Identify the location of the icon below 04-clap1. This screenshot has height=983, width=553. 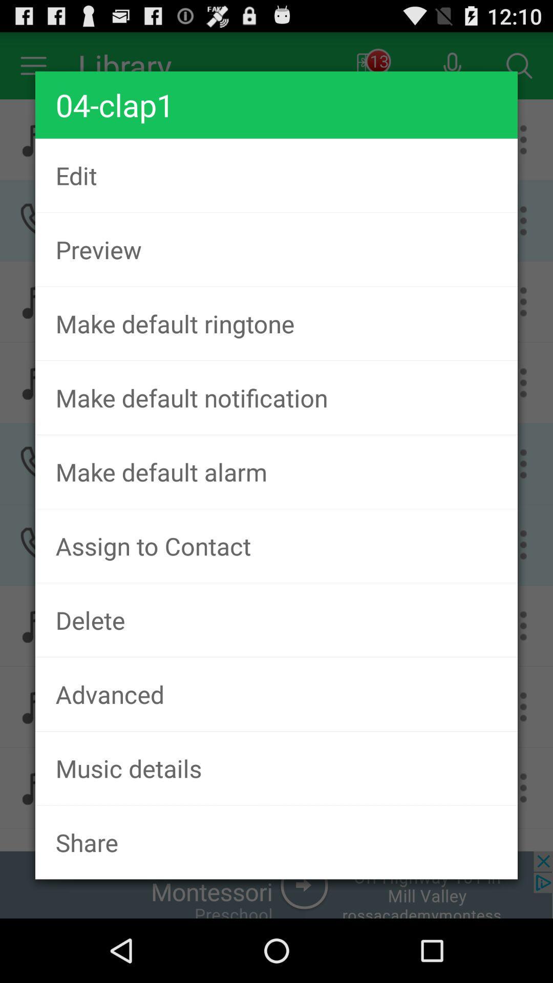
(276, 175).